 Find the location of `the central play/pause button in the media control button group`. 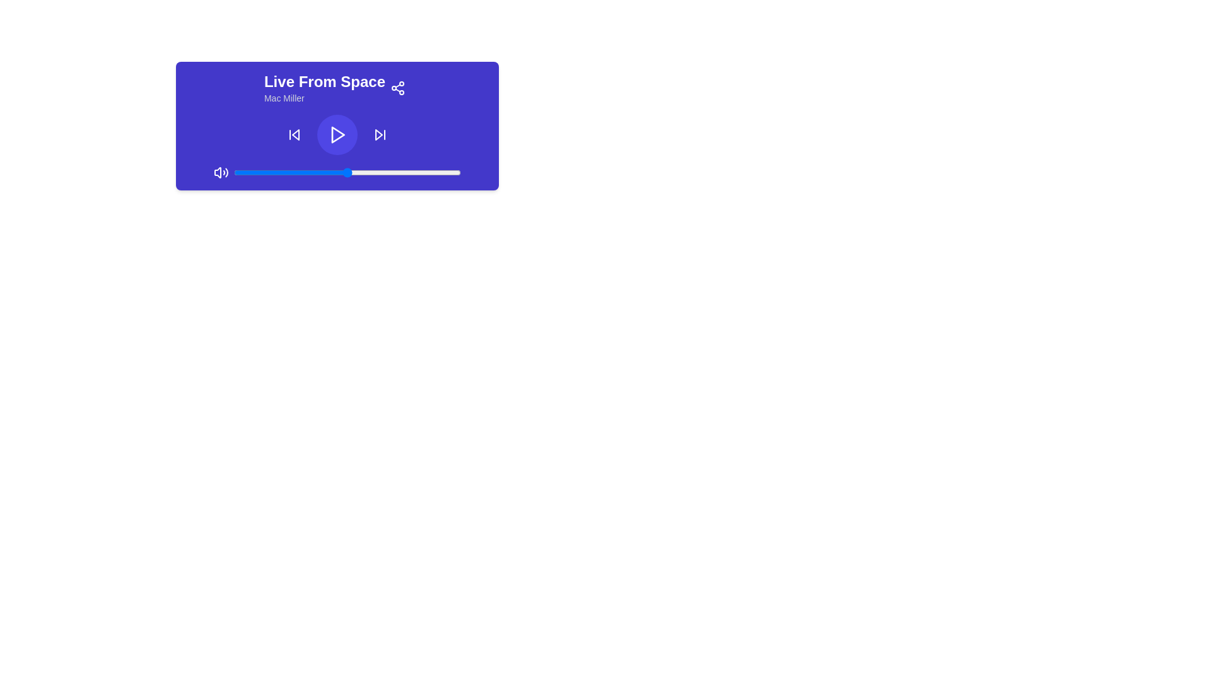

the central play/pause button in the media control button group is located at coordinates (337, 134).